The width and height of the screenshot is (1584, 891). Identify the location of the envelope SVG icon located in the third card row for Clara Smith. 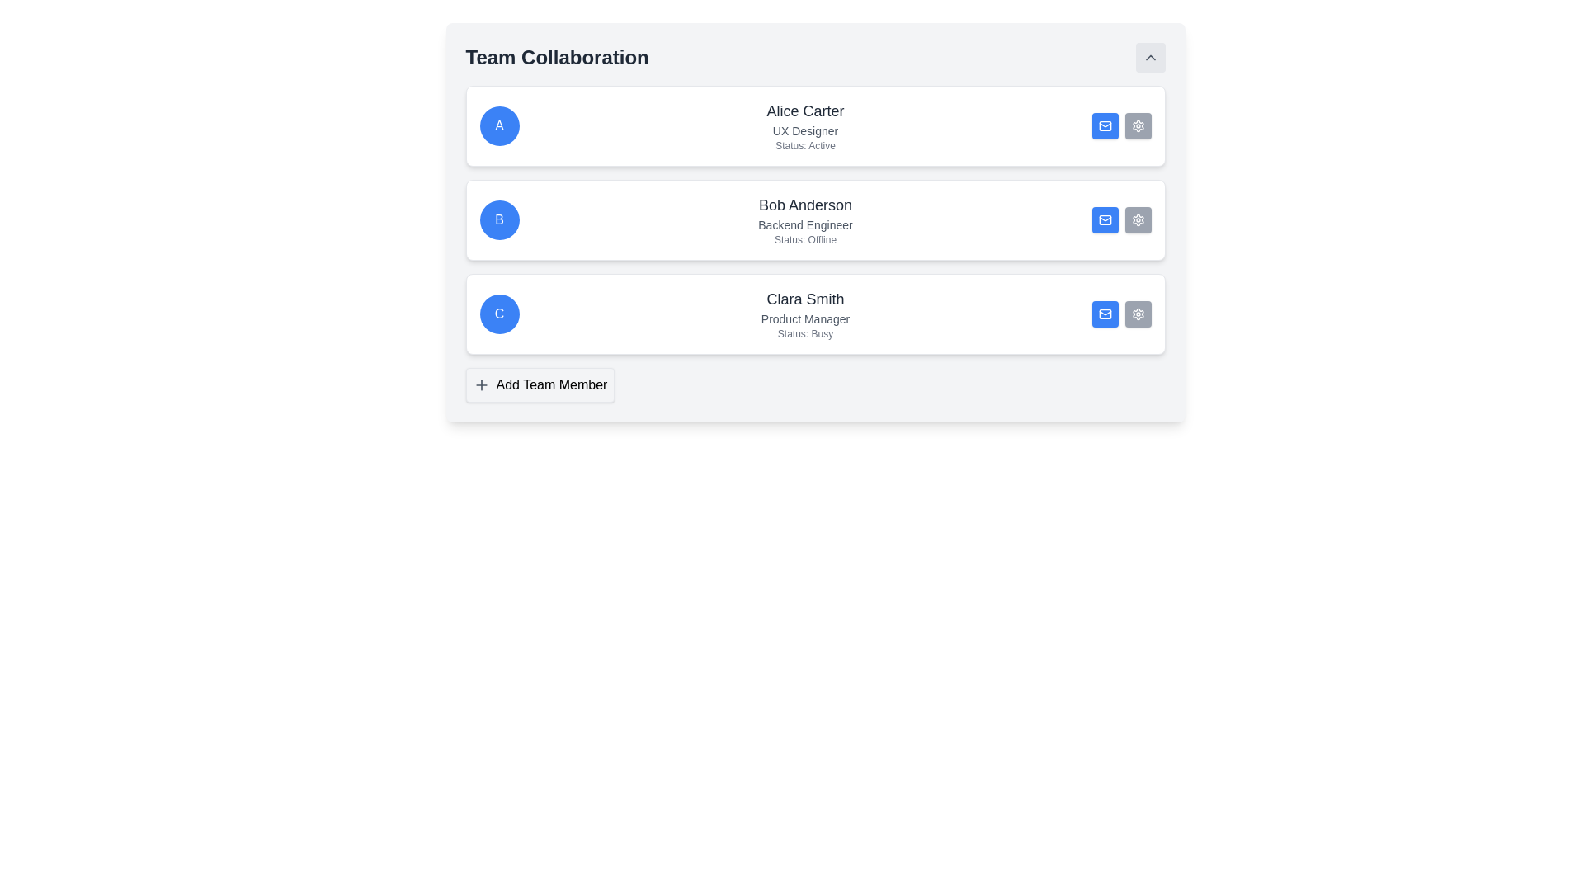
(1105, 314).